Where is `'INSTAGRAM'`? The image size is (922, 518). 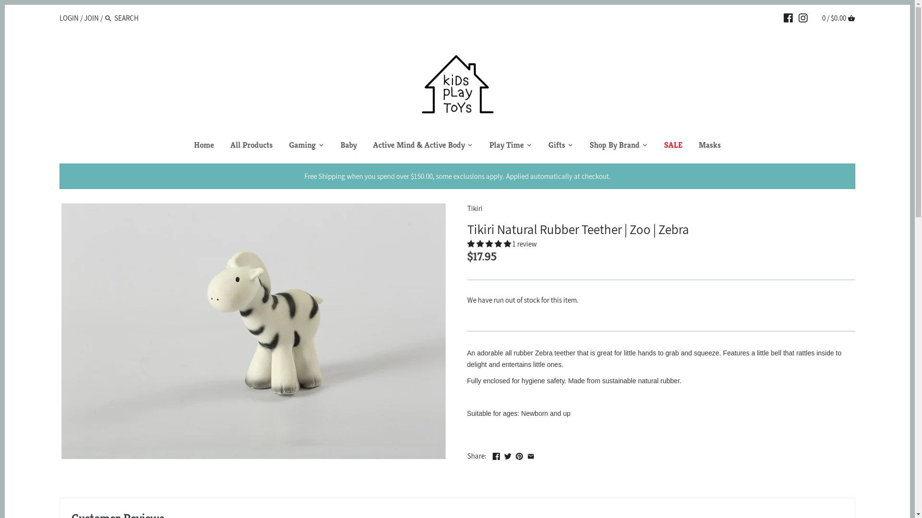
'INSTAGRAM' is located at coordinates (803, 18).